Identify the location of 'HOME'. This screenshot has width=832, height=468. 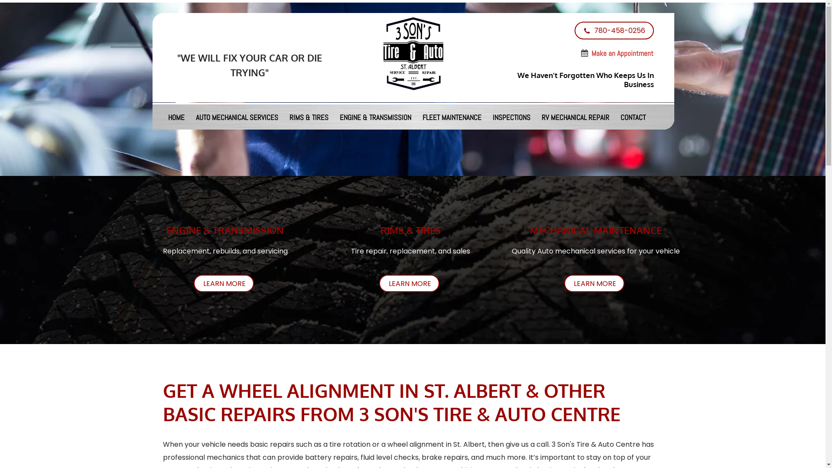
(176, 117).